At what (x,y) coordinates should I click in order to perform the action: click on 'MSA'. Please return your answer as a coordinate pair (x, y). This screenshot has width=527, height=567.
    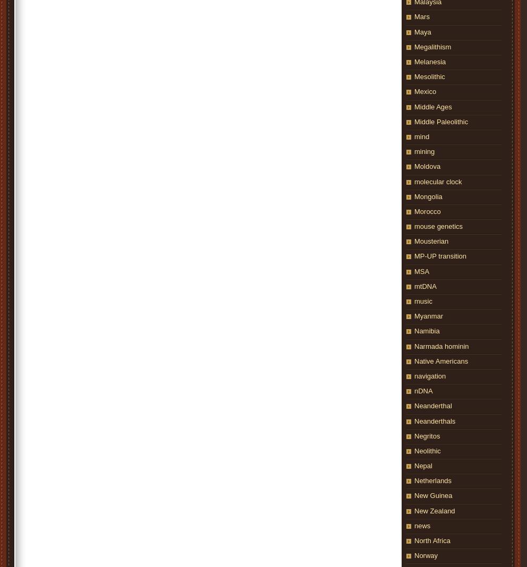
    Looking at the image, I should click on (421, 271).